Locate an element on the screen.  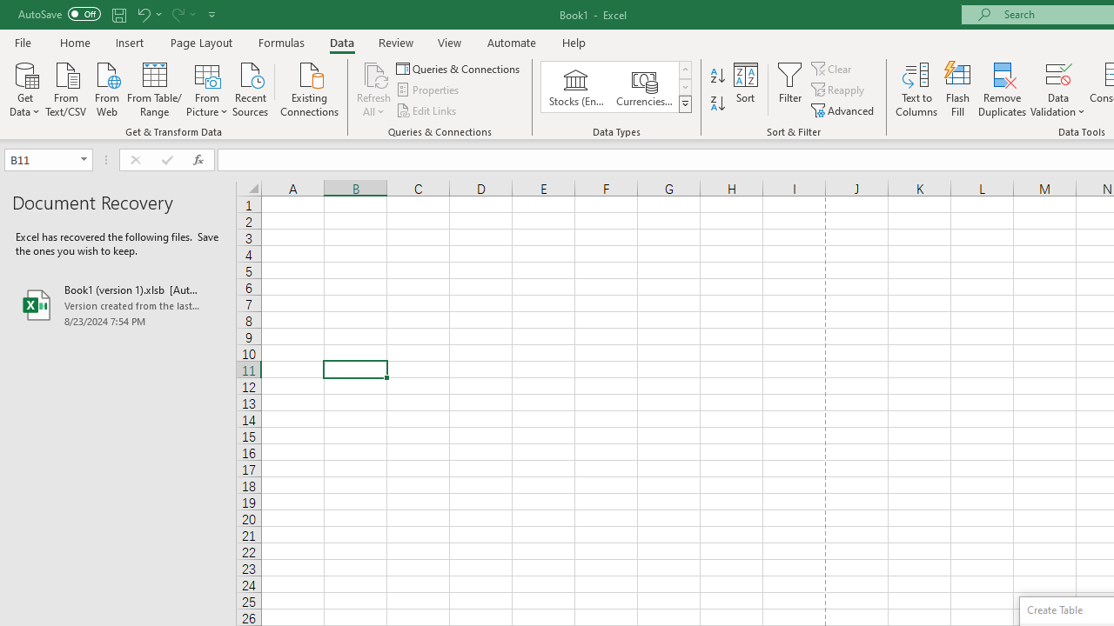
'Currencies (English)' is located at coordinates (643, 87).